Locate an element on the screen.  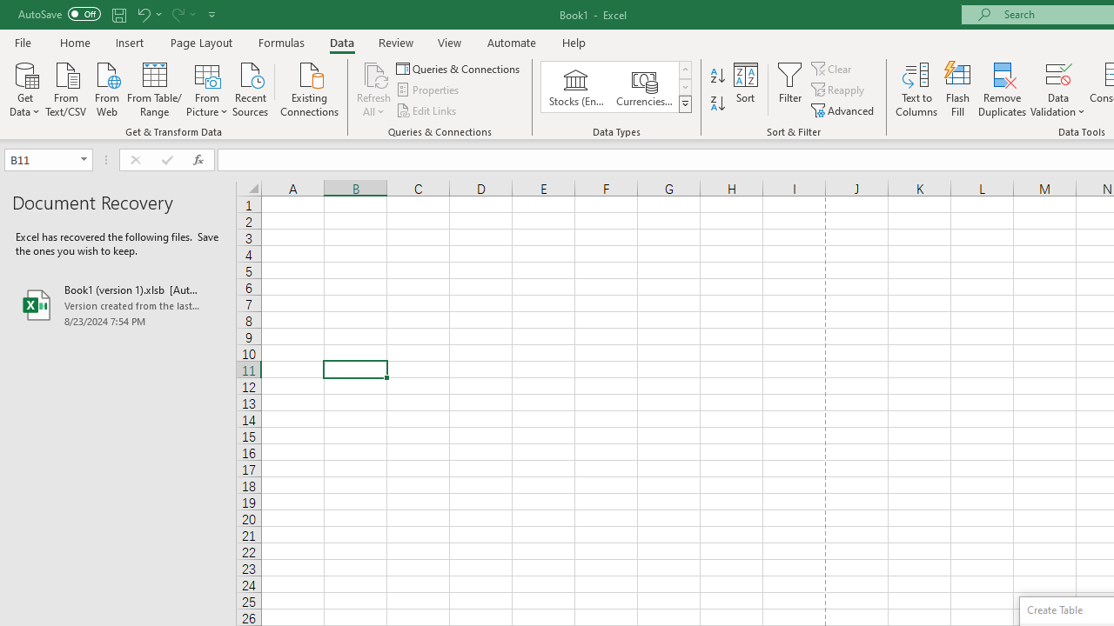
'Currencies (English)' is located at coordinates (643, 87).